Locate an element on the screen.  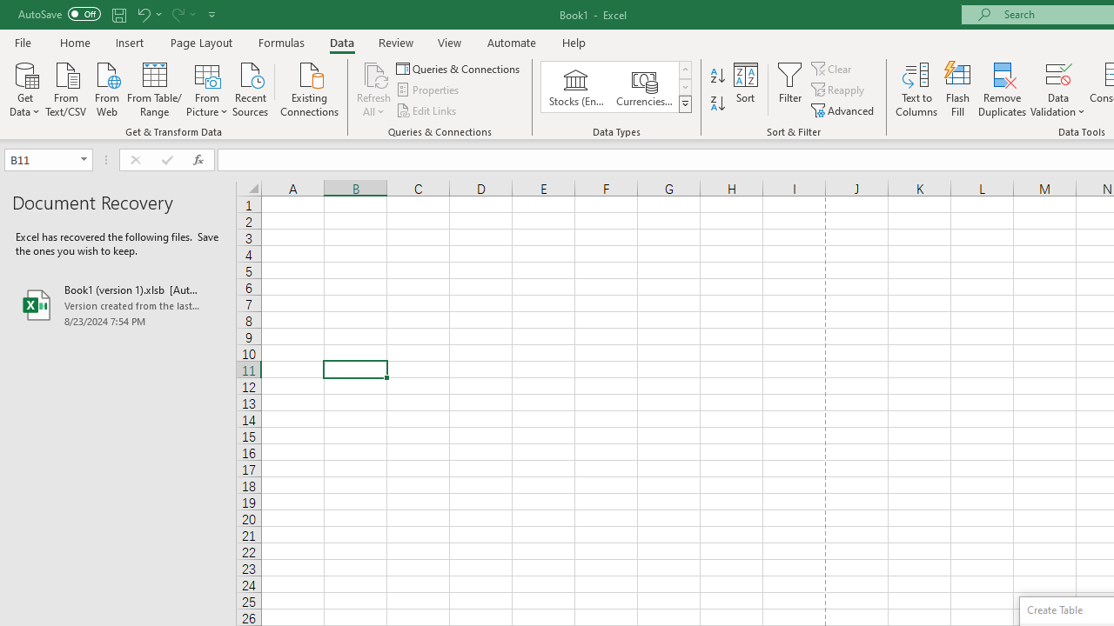
'Currencies (English)' is located at coordinates (643, 87).